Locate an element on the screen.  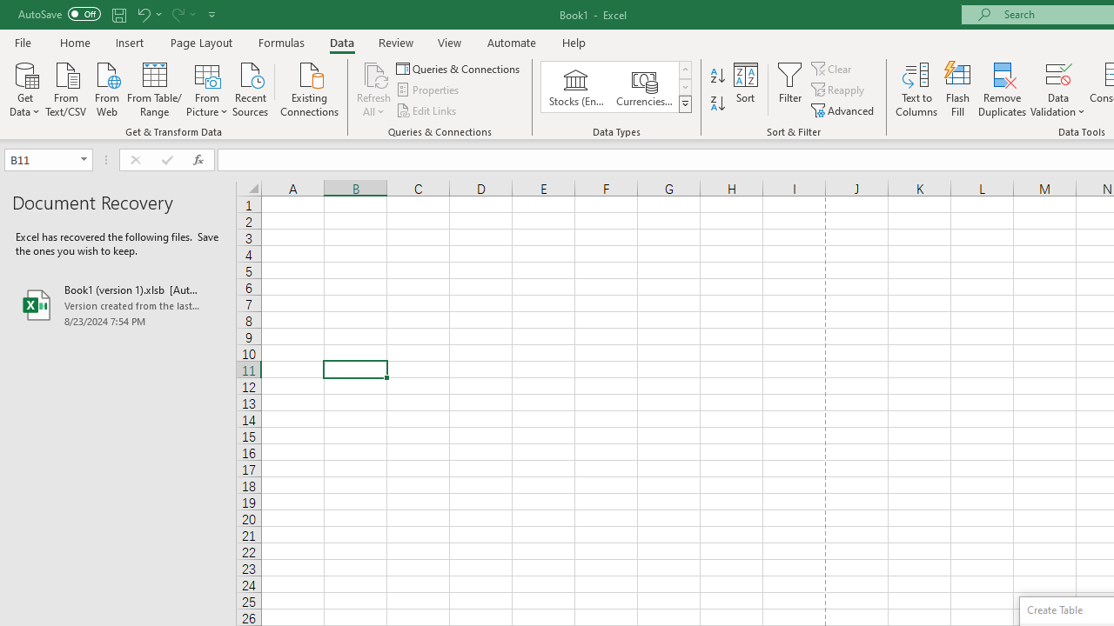
'Currencies (English)' is located at coordinates (643, 87).